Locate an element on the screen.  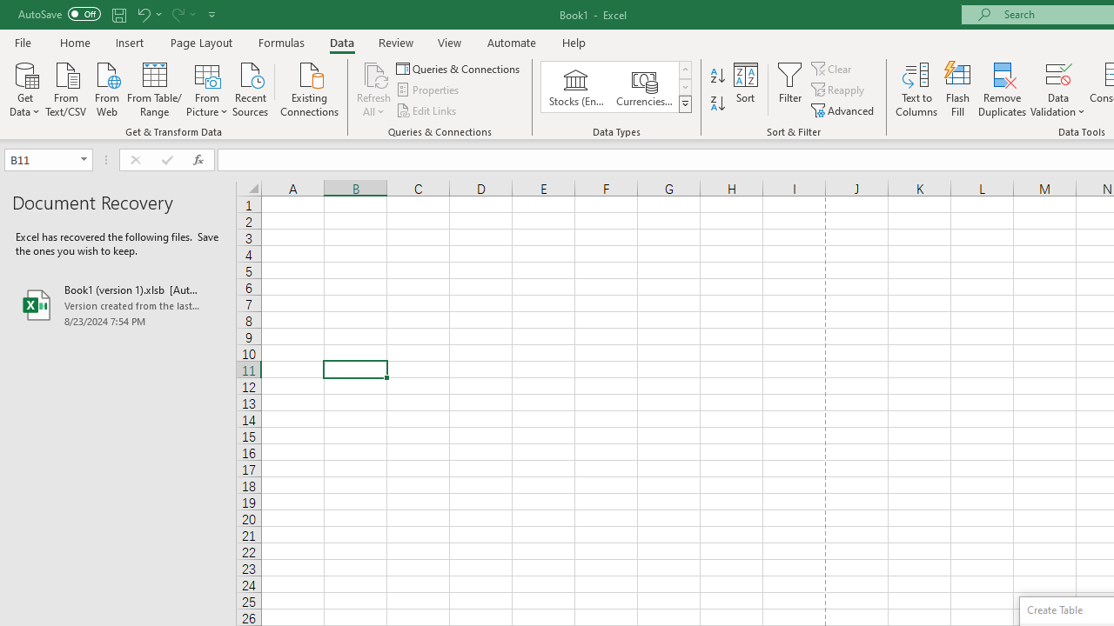
'Currencies (English)' is located at coordinates (643, 87).